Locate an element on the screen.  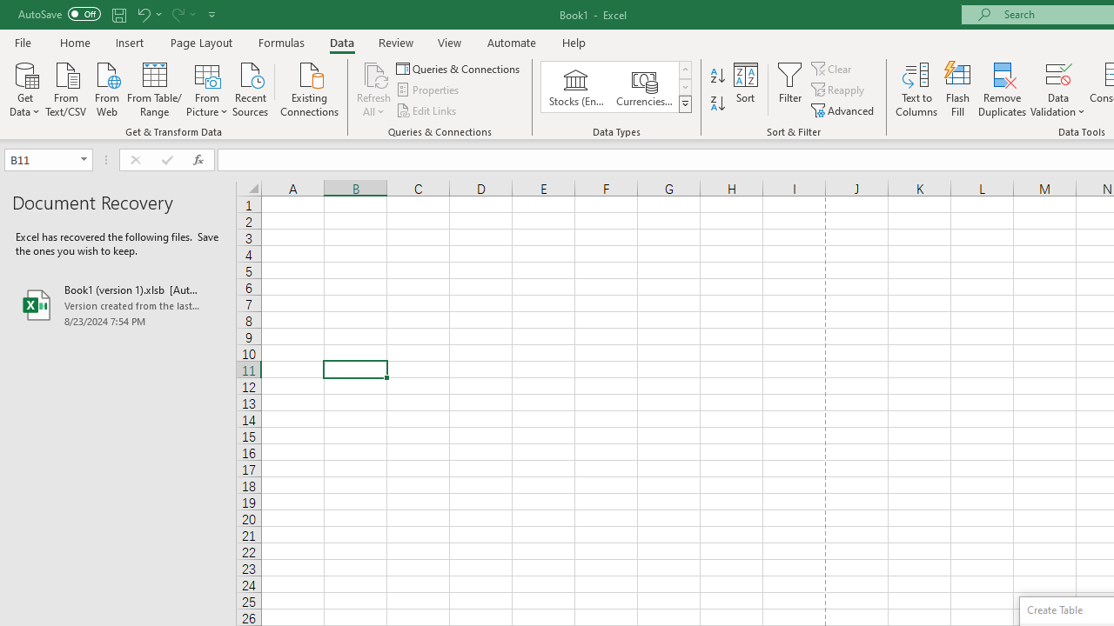
'Currencies (English)' is located at coordinates (643, 87).